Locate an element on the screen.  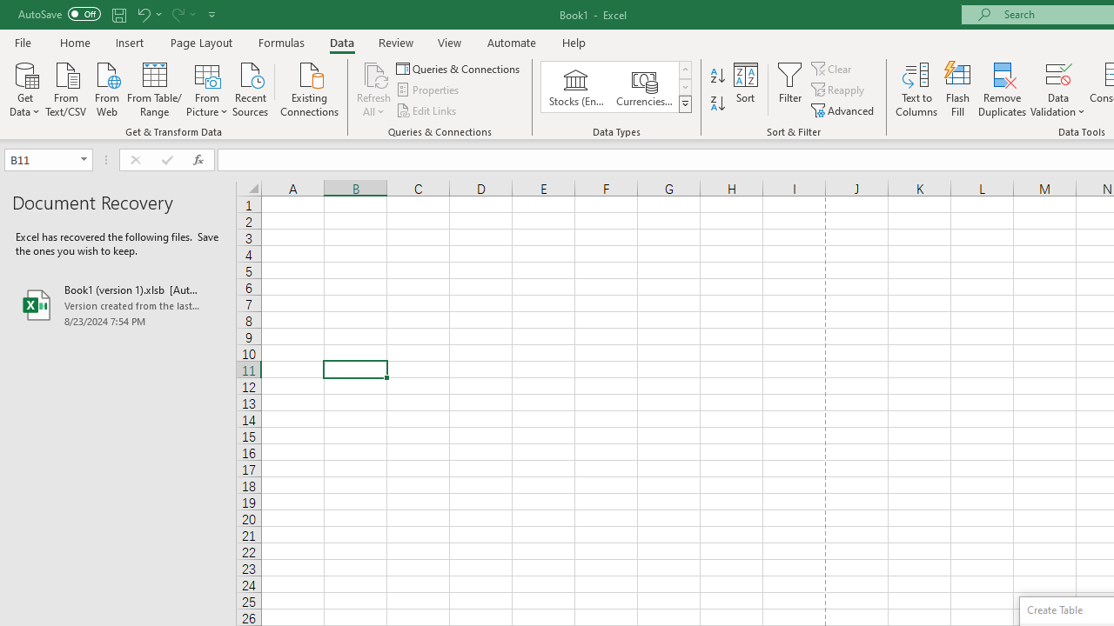
'Currencies (English)' is located at coordinates (643, 87).